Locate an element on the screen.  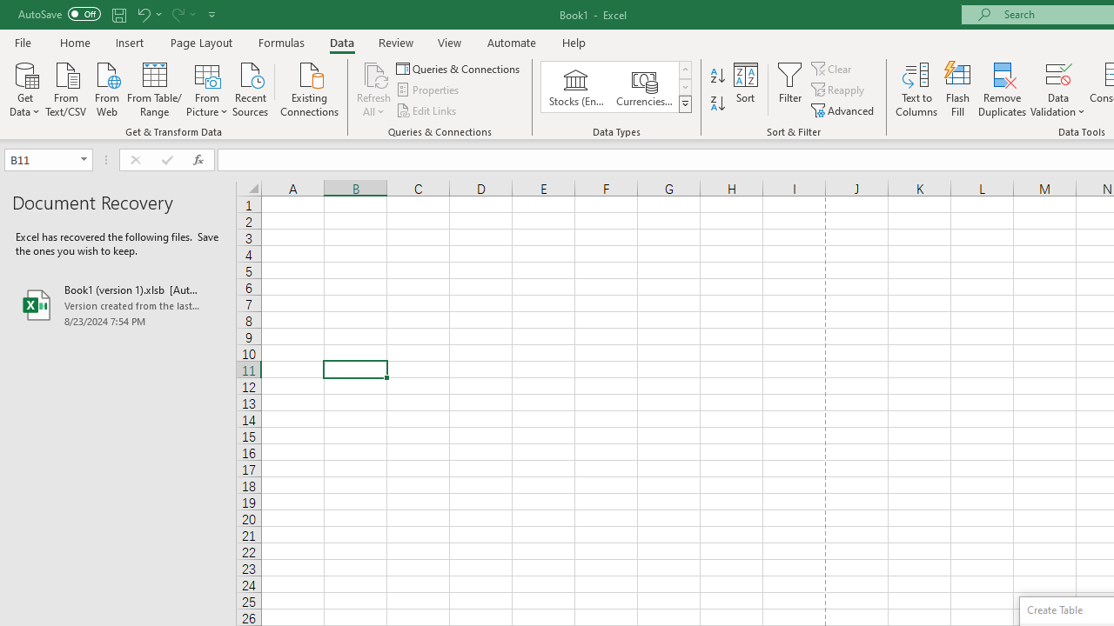
'Currencies (English)' is located at coordinates (643, 87).